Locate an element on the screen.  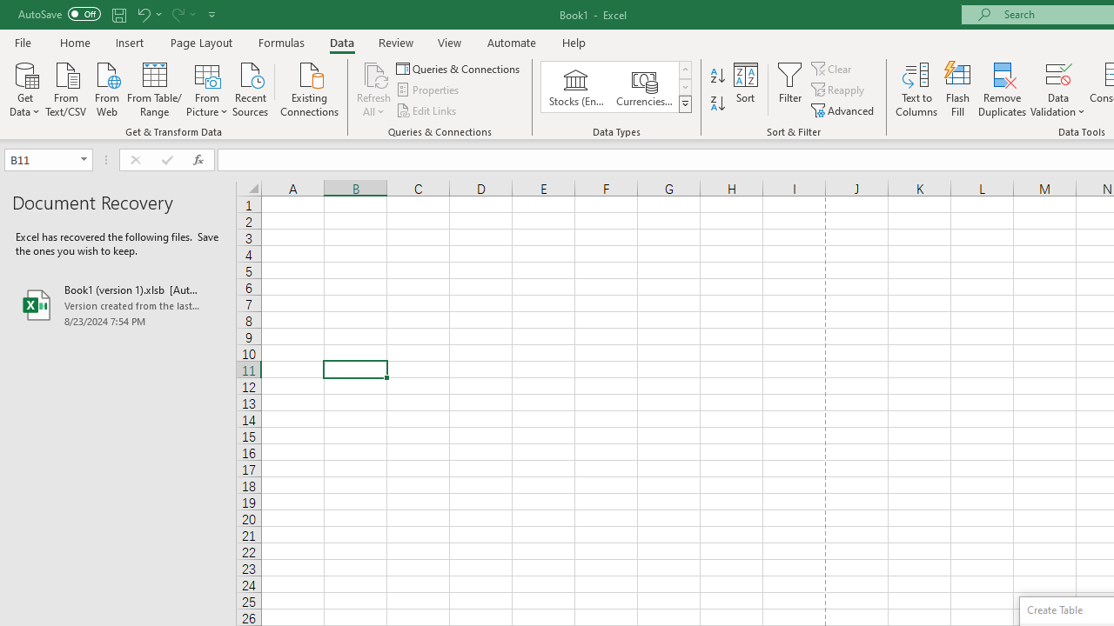
'Currencies (English)' is located at coordinates (643, 87).